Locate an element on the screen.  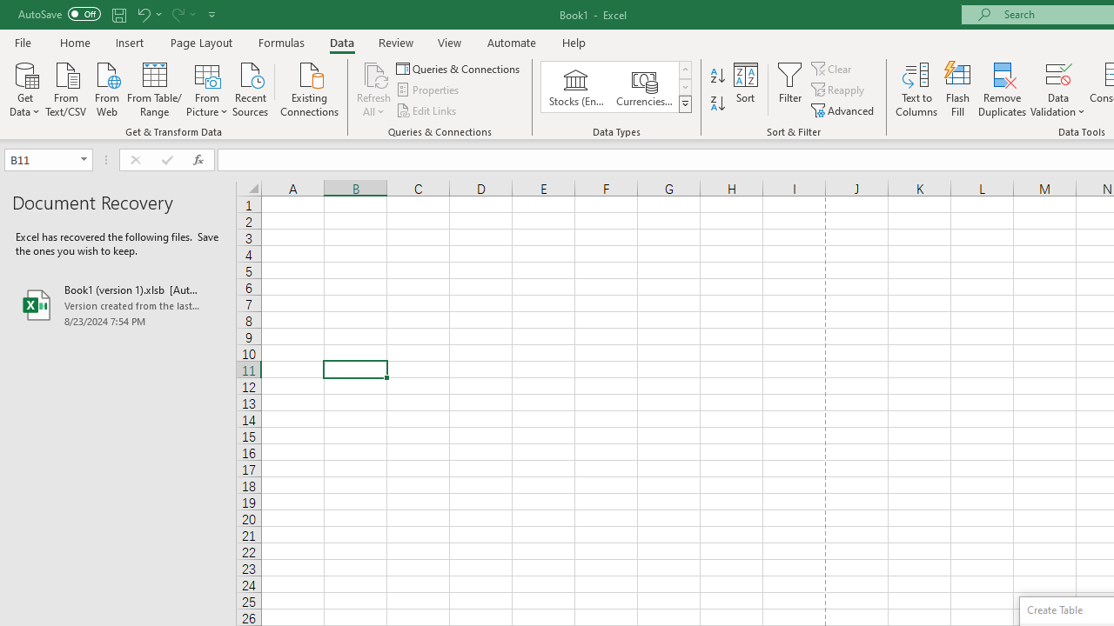
'Currencies (English)' is located at coordinates (643, 87).